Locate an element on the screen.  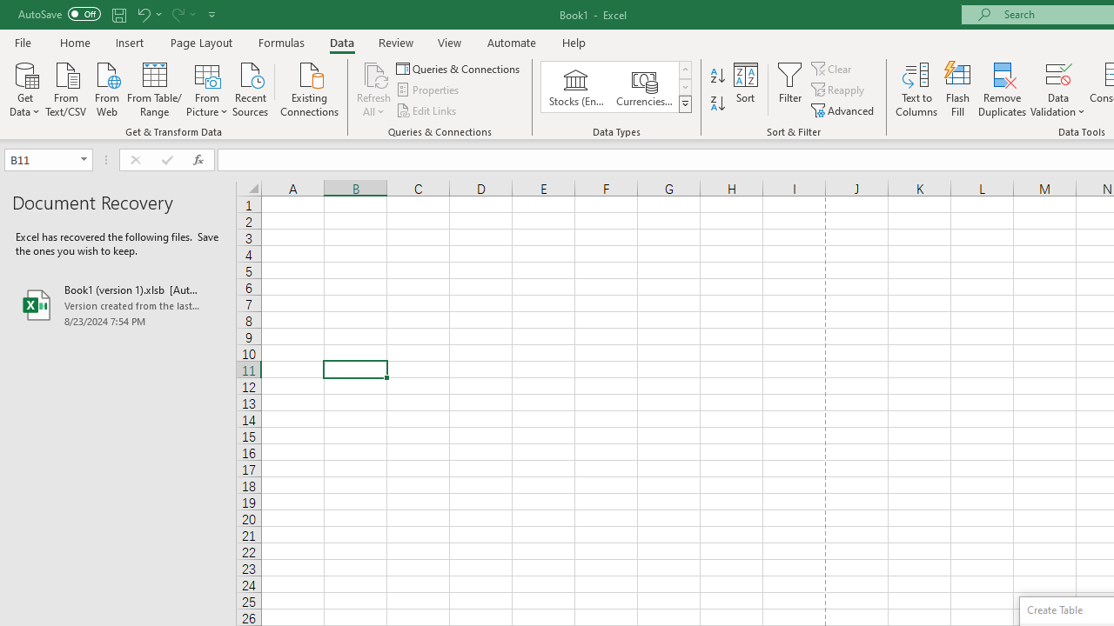
'Currencies (English)' is located at coordinates (643, 87).